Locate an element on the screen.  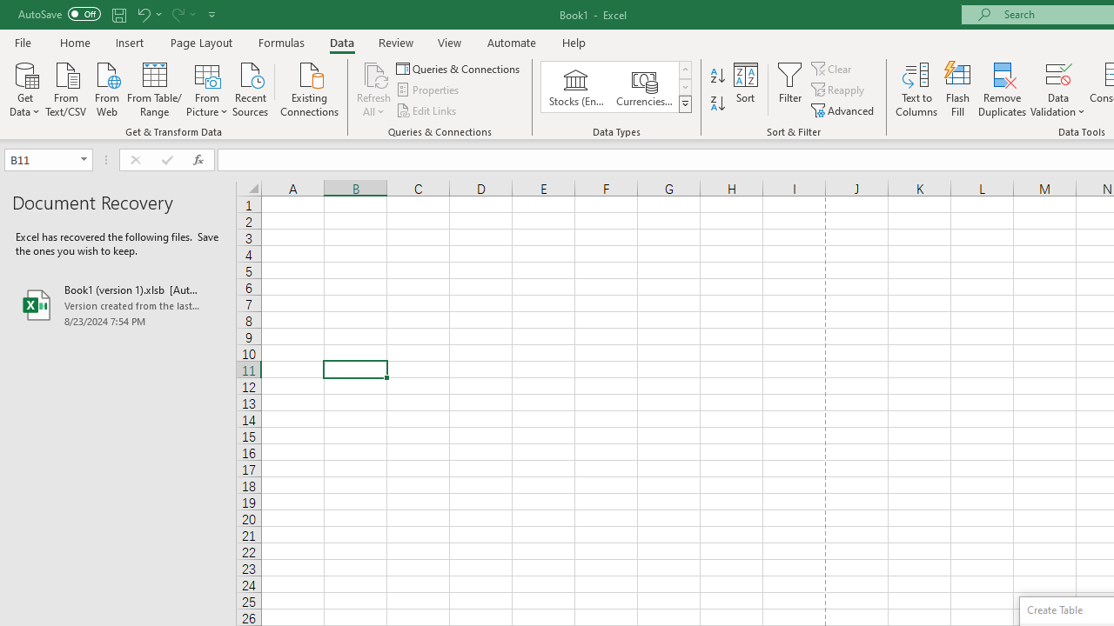
'Currencies (English)' is located at coordinates (643, 87).